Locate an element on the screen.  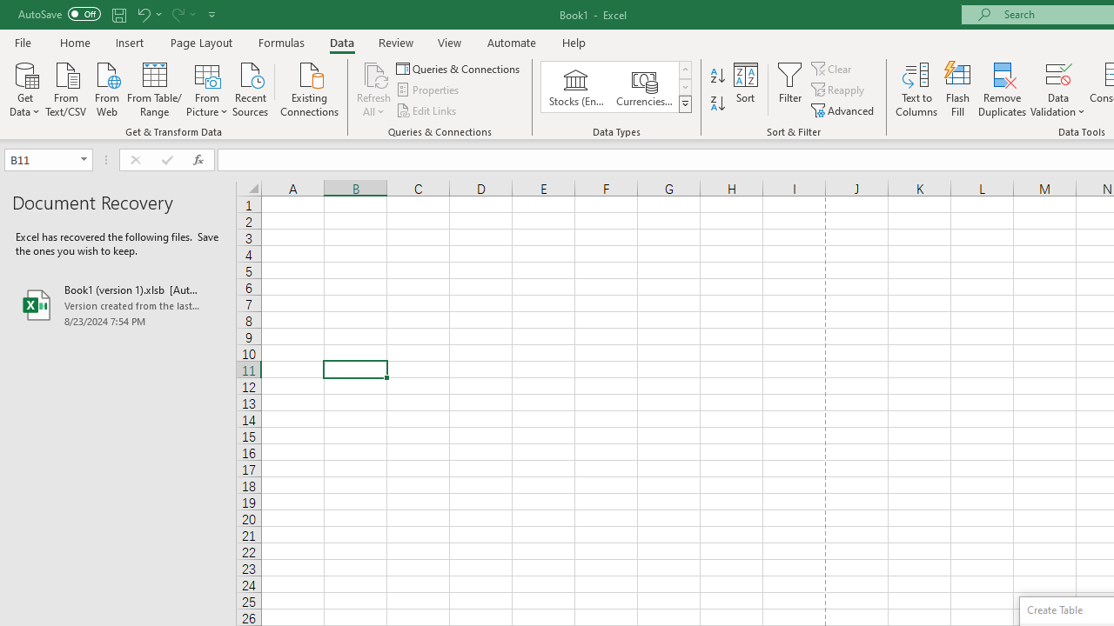
'Currencies (English)' is located at coordinates (643, 87).